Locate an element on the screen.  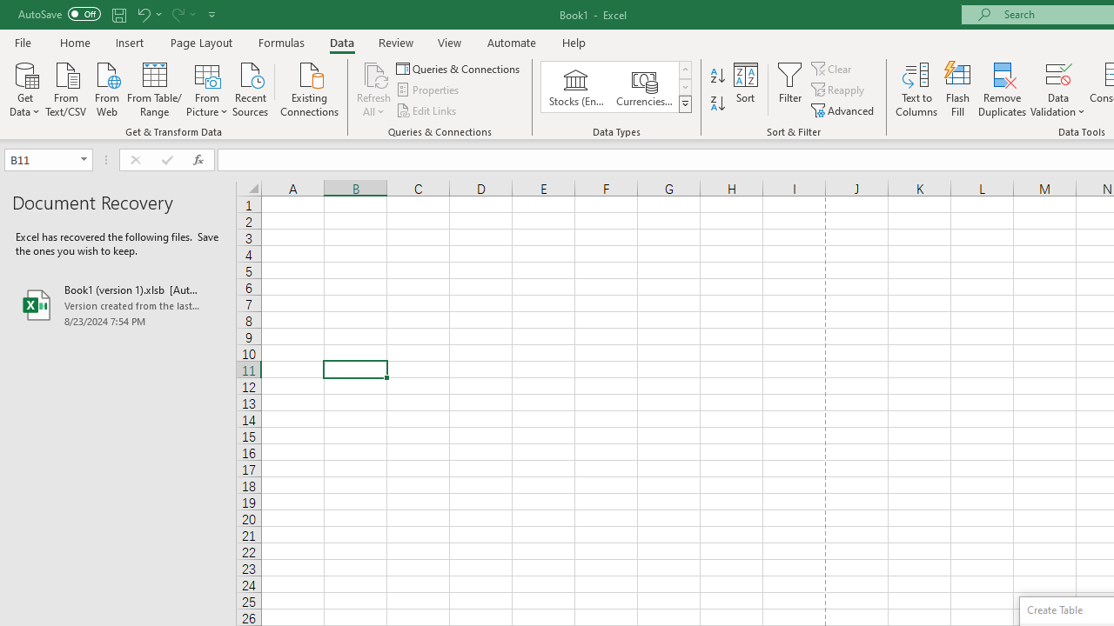
'Currencies (English)' is located at coordinates (643, 87).